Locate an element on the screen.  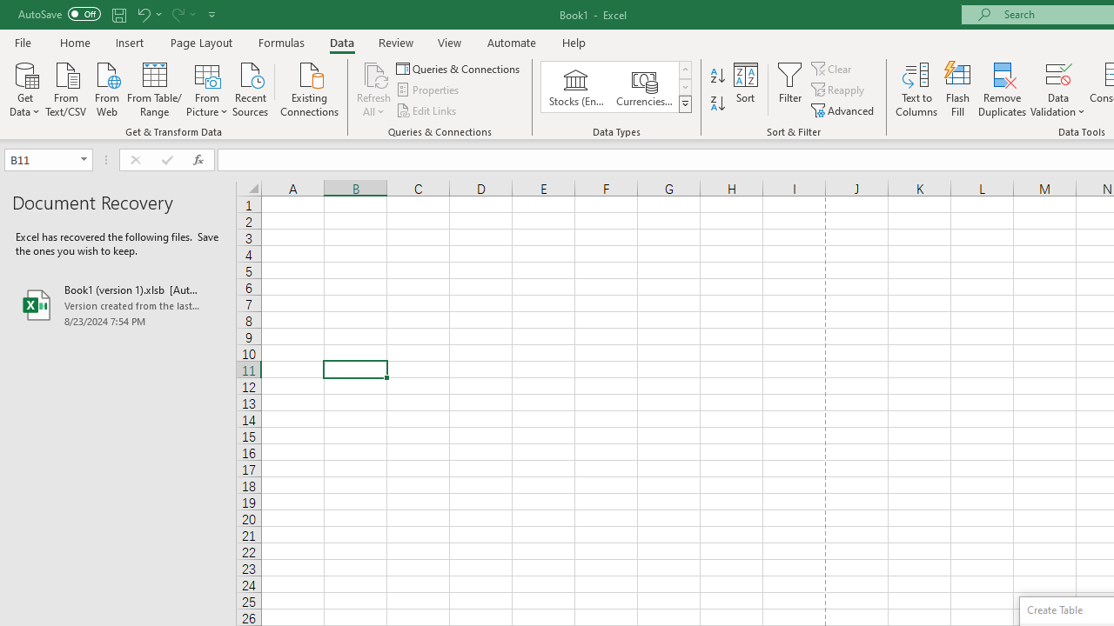
'Currencies (English)' is located at coordinates (643, 87).